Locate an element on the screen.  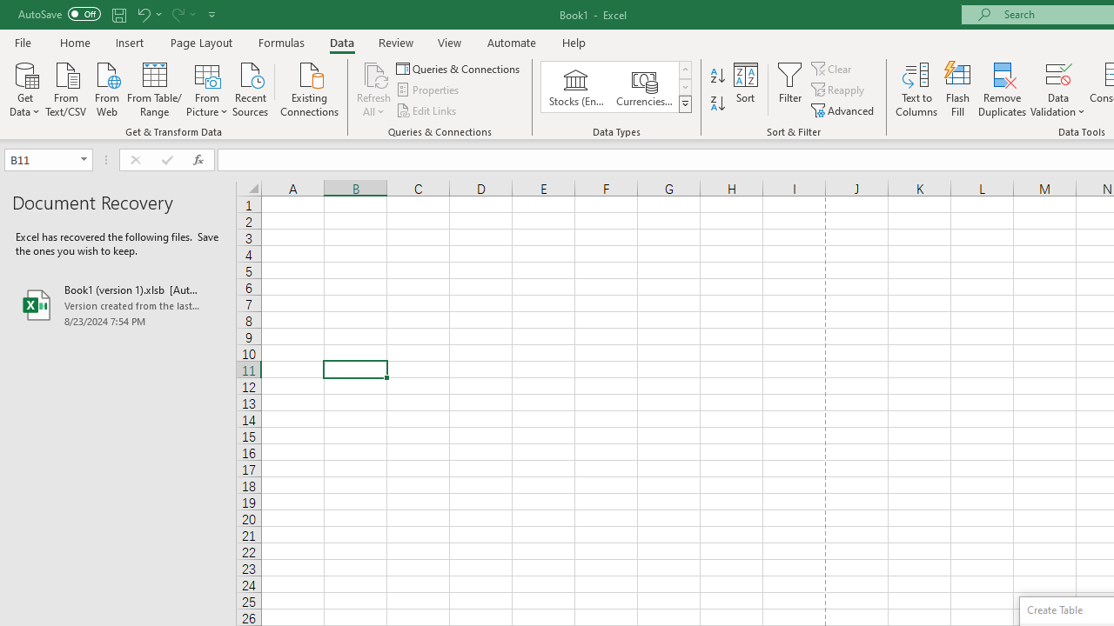
'Currencies (English)' is located at coordinates (643, 87).